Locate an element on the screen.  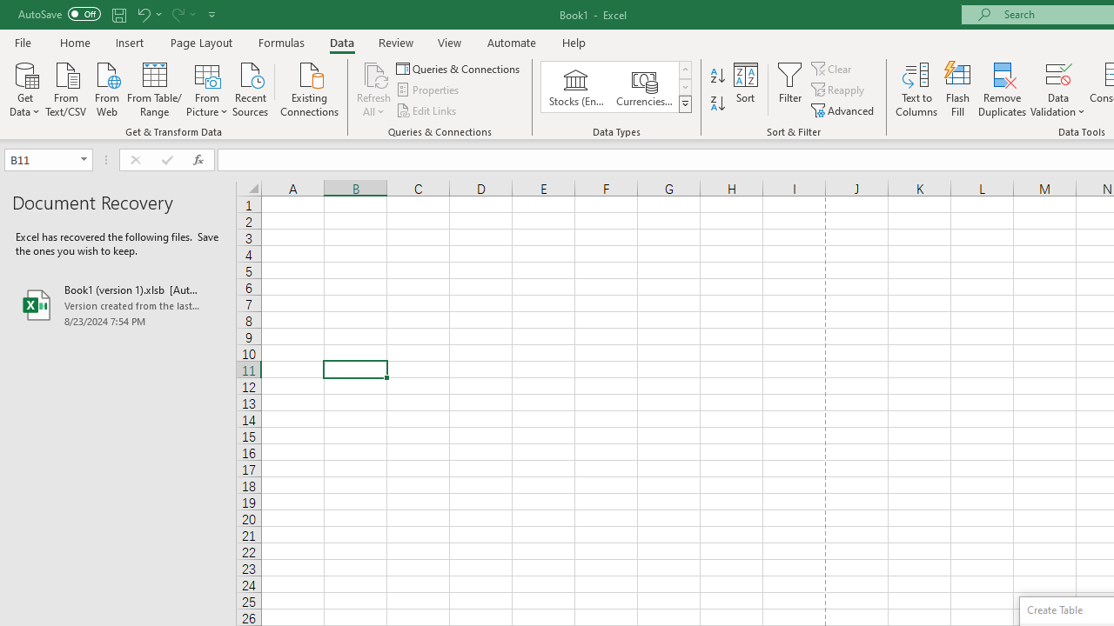
'Currencies (English)' is located at coordinates (643, 87).